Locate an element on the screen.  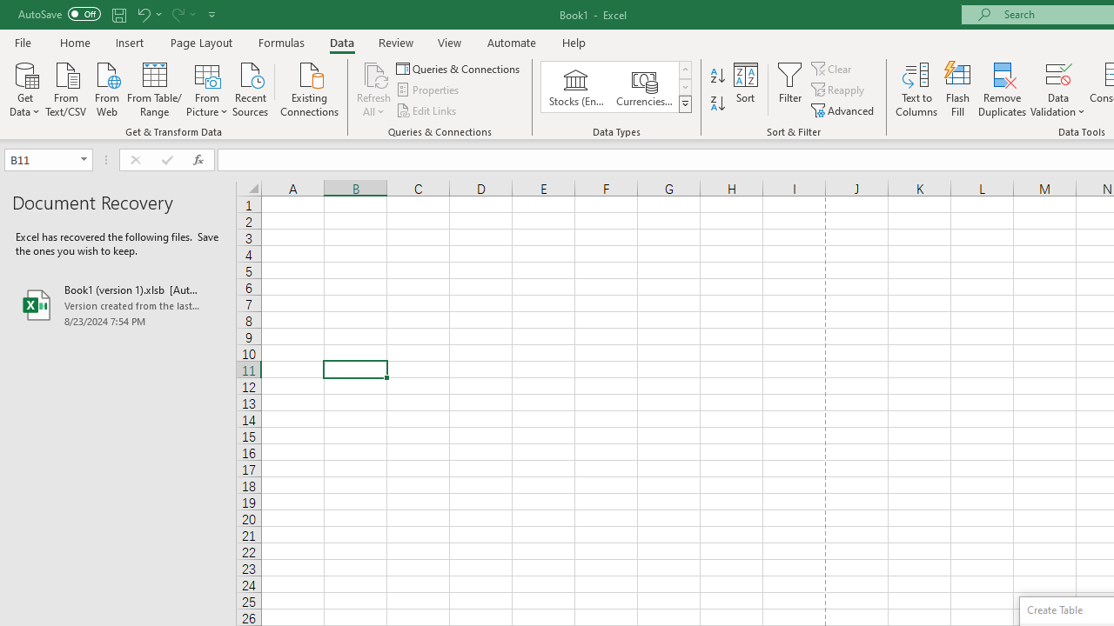
'Currencies (English)' is located at coordinates (643, 87).